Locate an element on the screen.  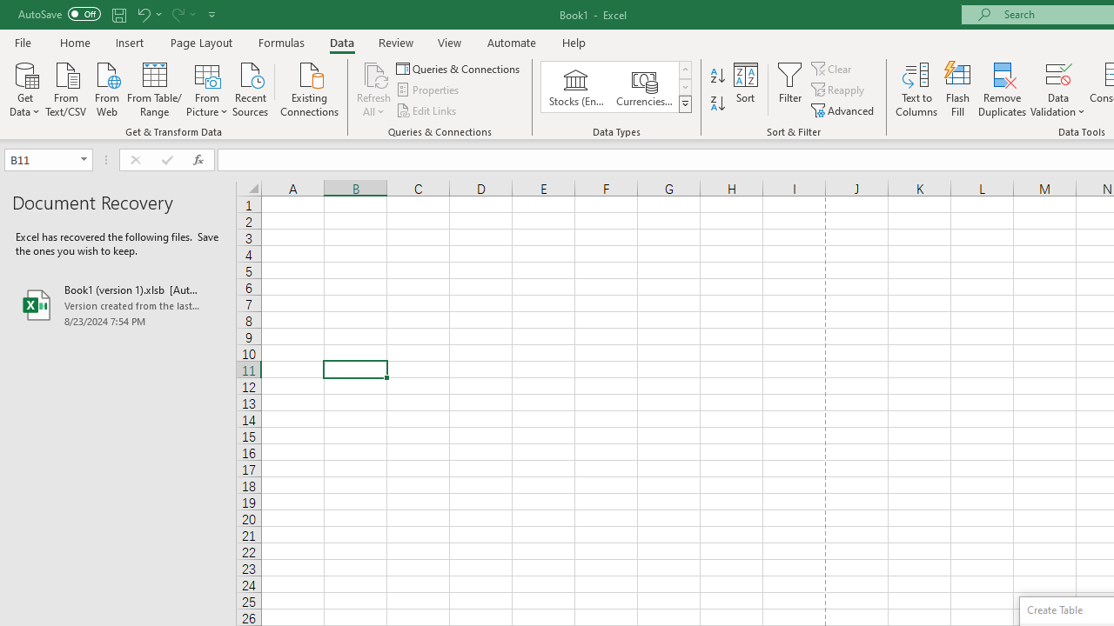
'Currencies (English)' is located at coordinates (643, 87).